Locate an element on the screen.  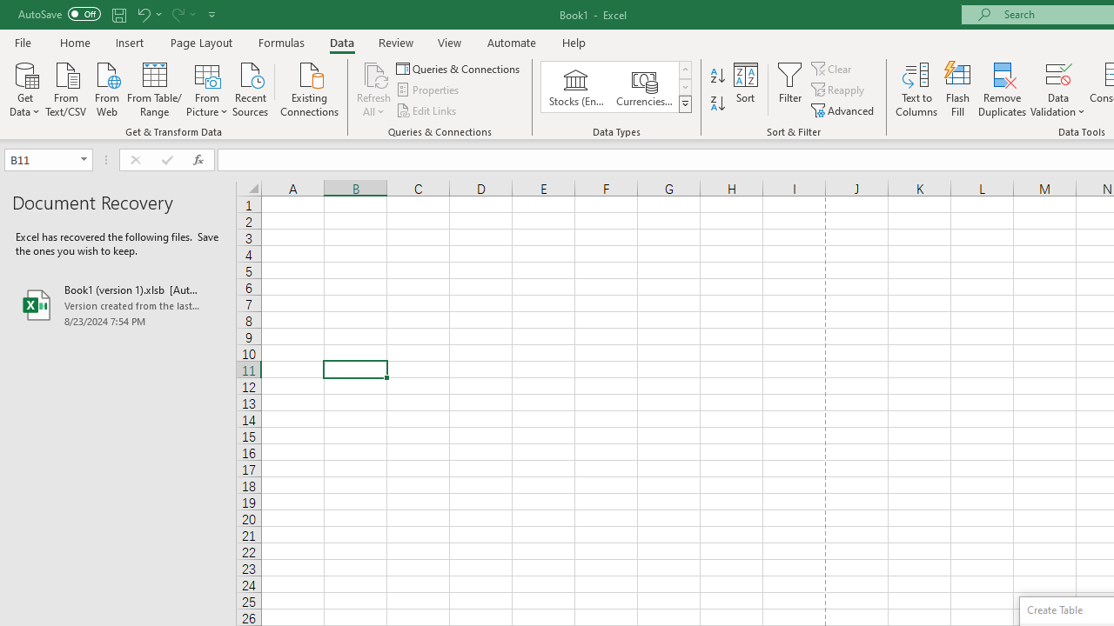
'Currencies (English)' is located at coordinates (643, 87).